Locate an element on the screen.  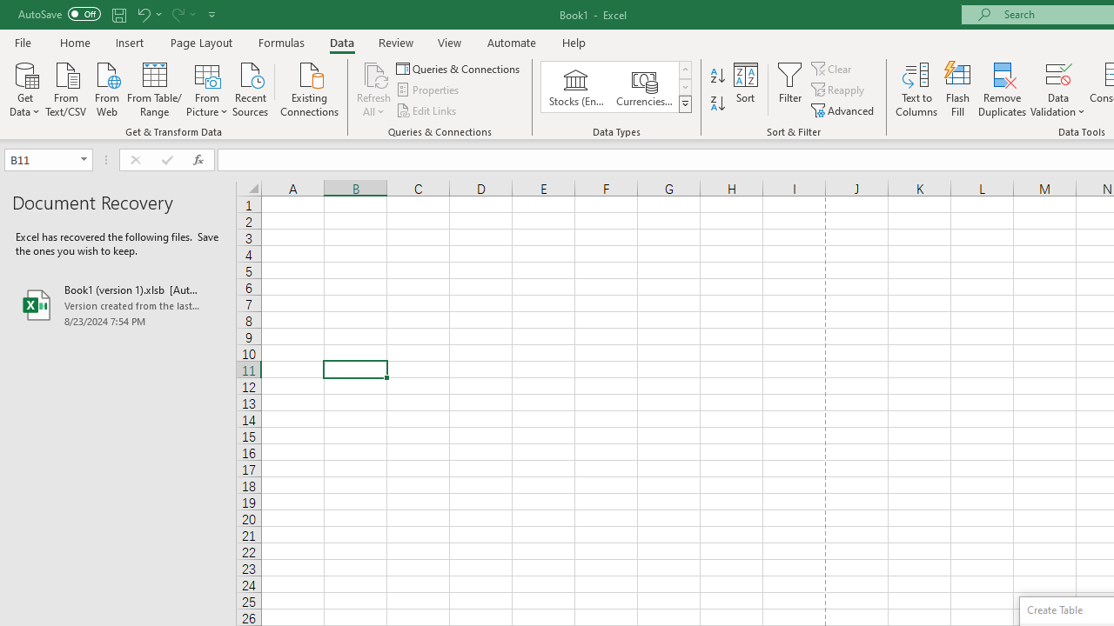
'Currencies (English)' is located at coordinates (643, 87).